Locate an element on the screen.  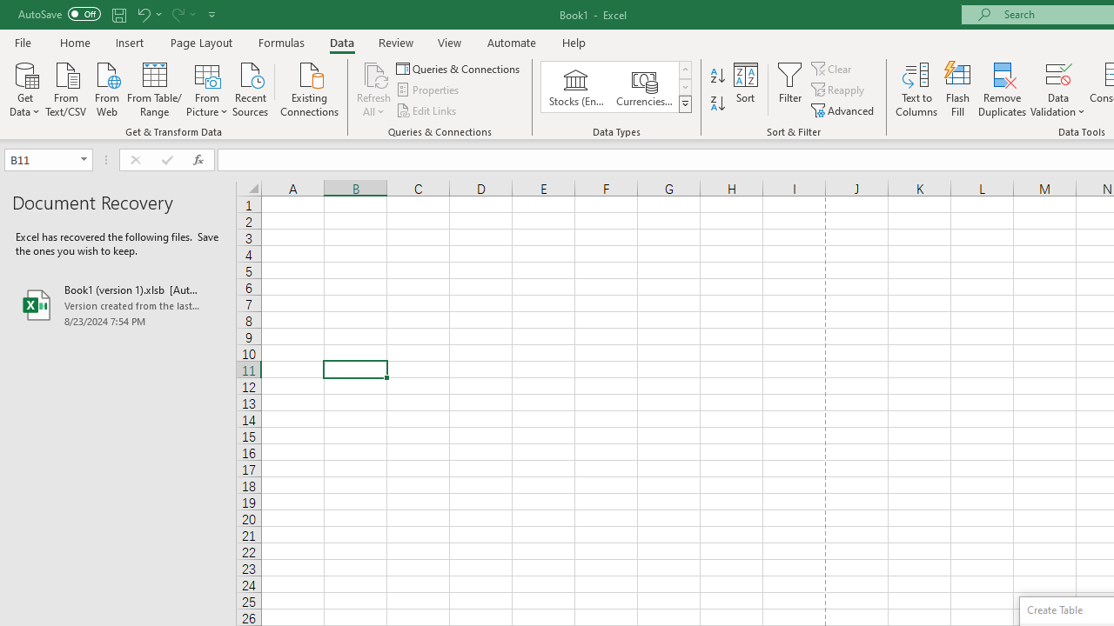
'Currencies (English)' is located at coordinates (643, 87).